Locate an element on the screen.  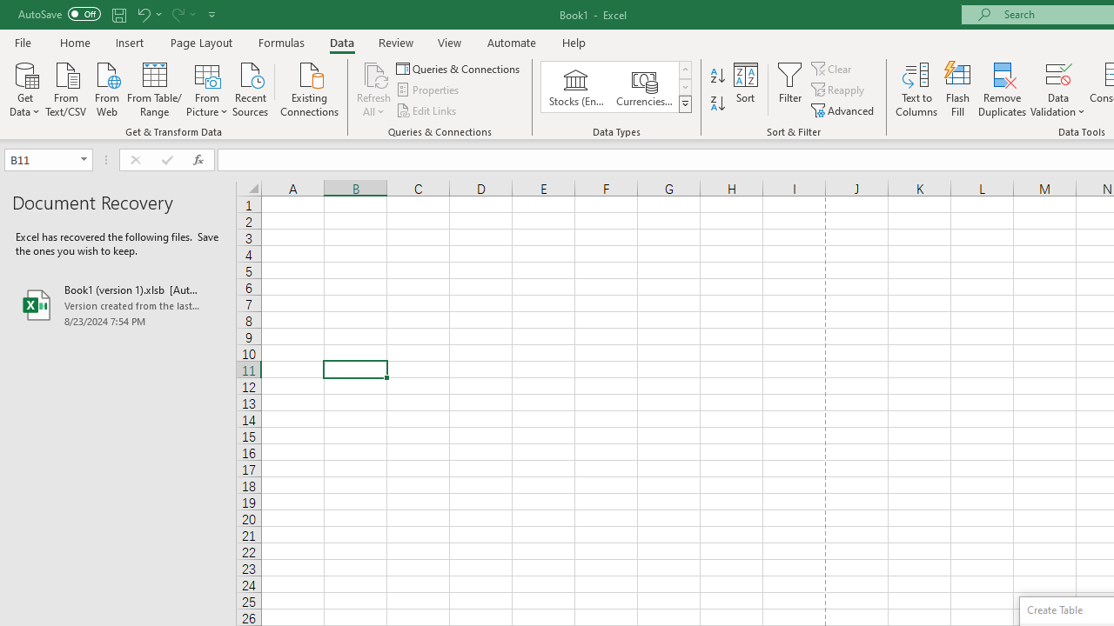
'Currencies (English)' is located at coordinates (643, 87).